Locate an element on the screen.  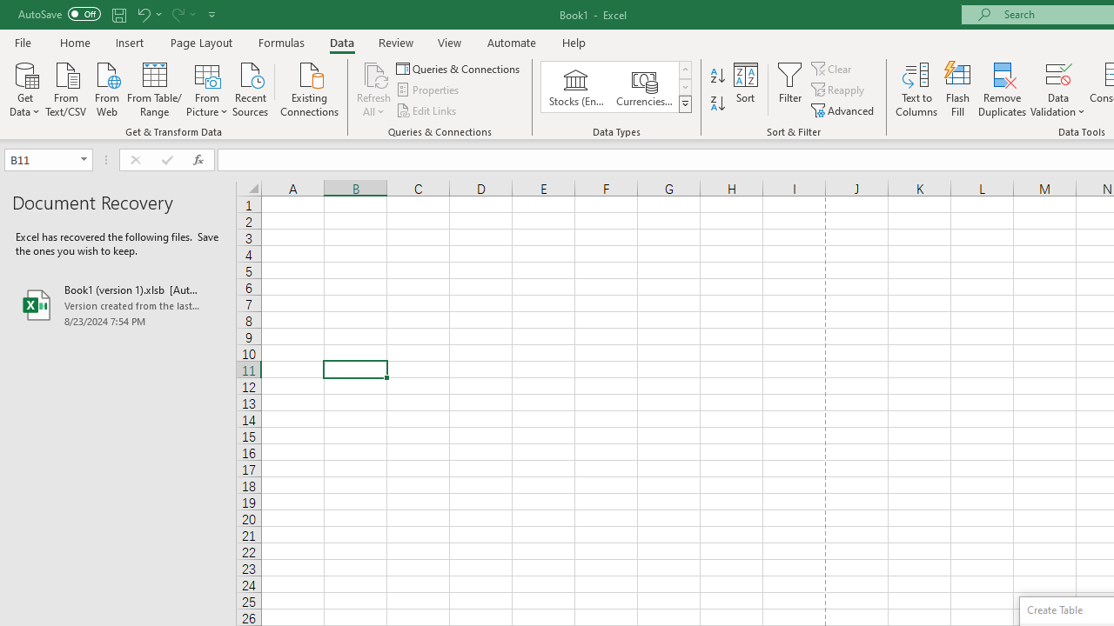
'Currencies (English)' is located at coordinates (643, 87).